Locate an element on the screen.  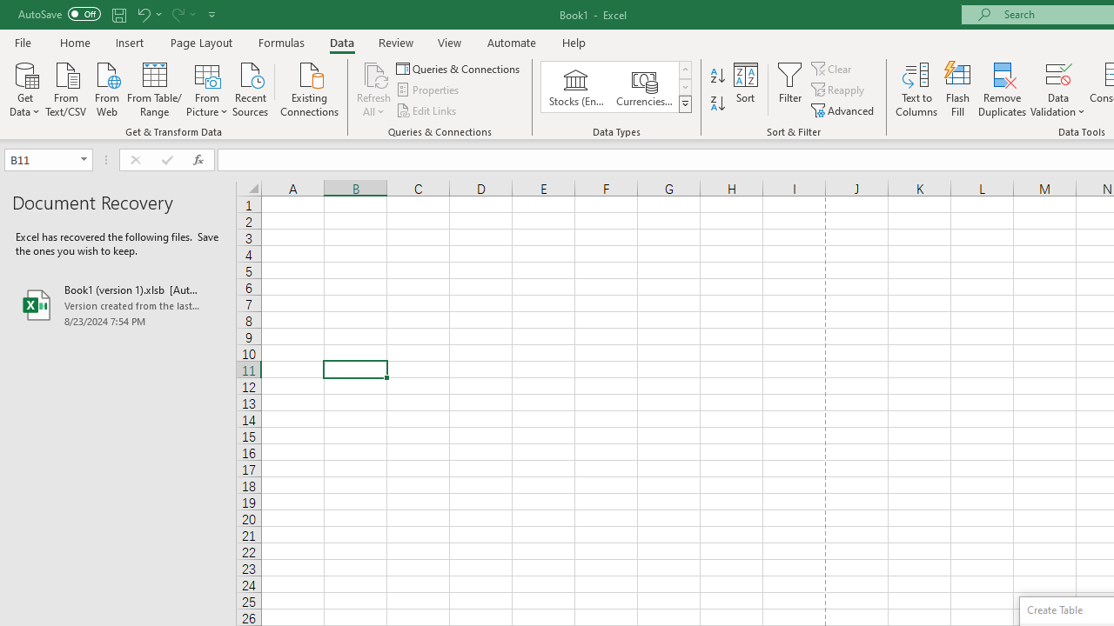
'Currencies (English)' is located at coordinates (643, 87).